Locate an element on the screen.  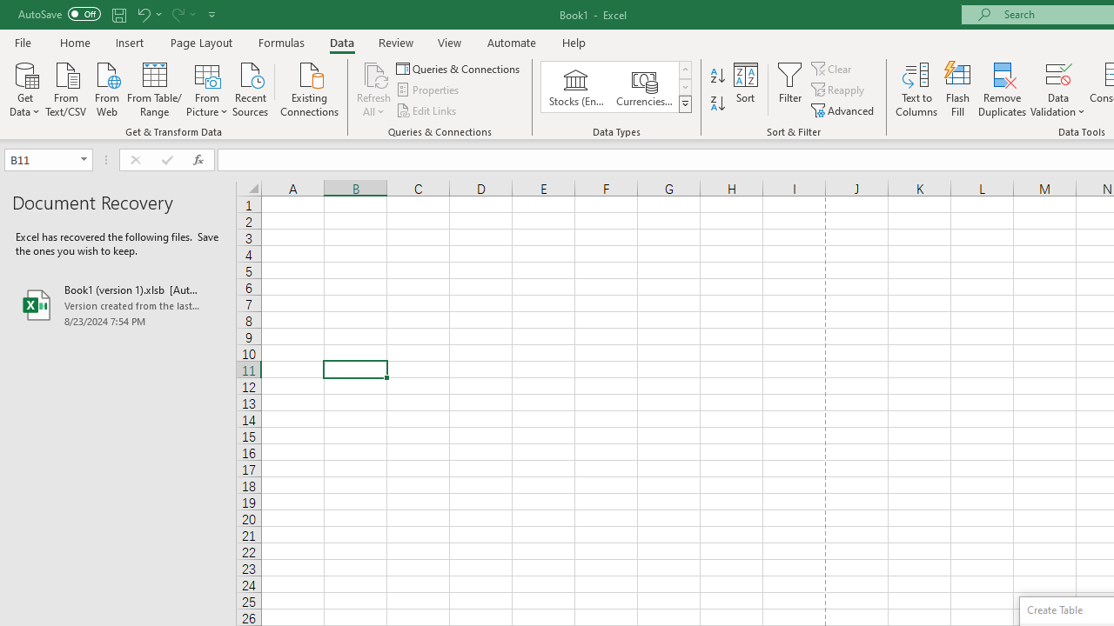
'Currencies (English)' is located at coordinates (643, 87).